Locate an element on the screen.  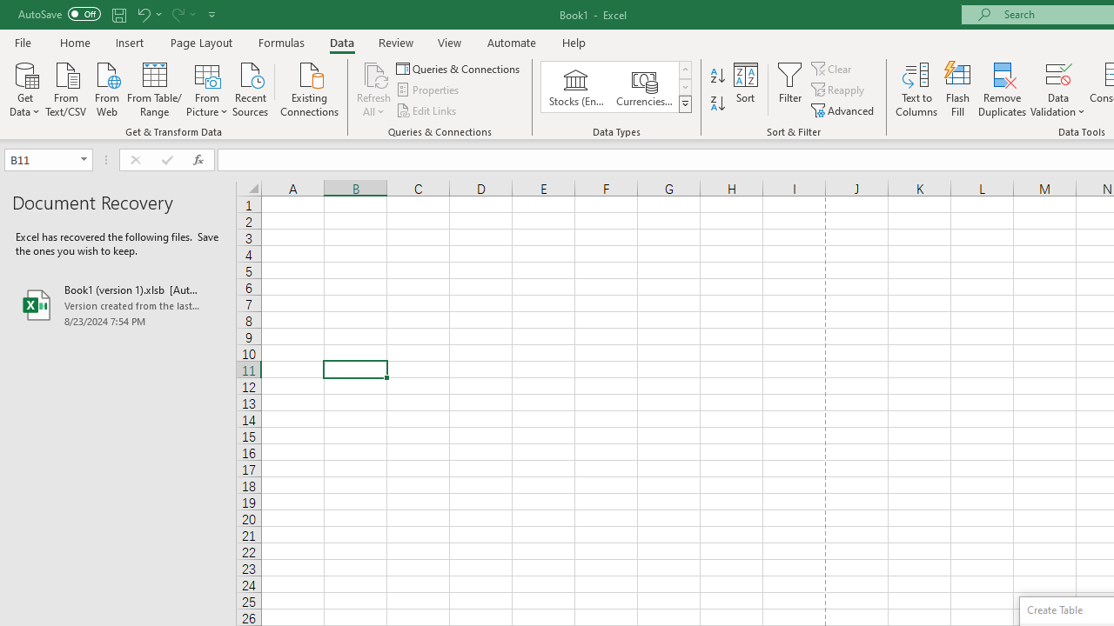
'Currencies (English)' is located at coordinates (643, 87).